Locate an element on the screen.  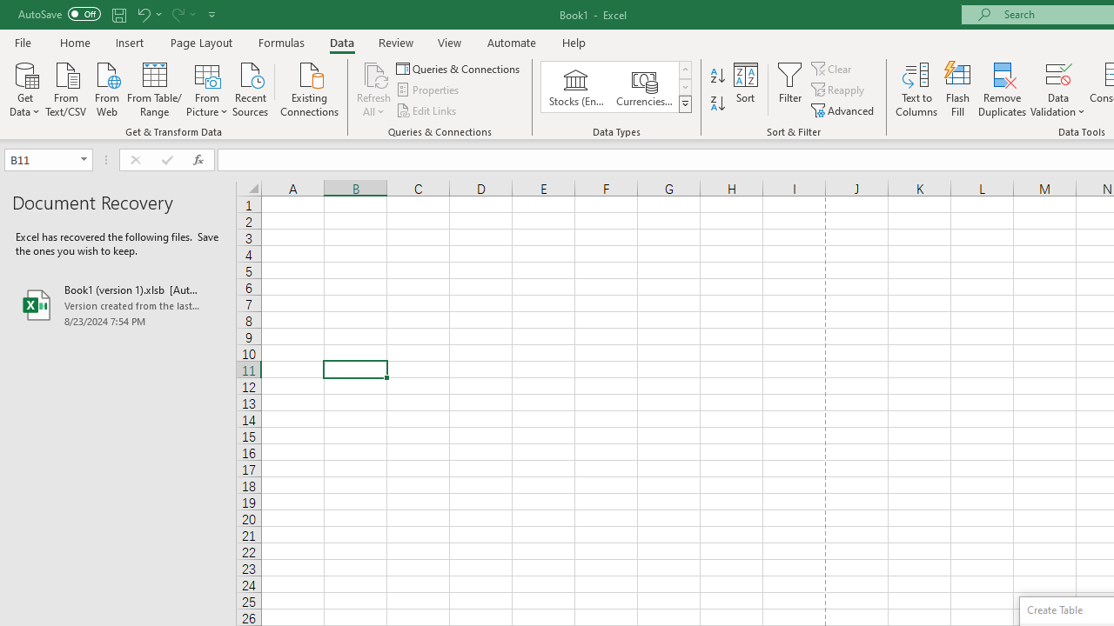
'Currencies (English)' is located at coordinates (643, 87).